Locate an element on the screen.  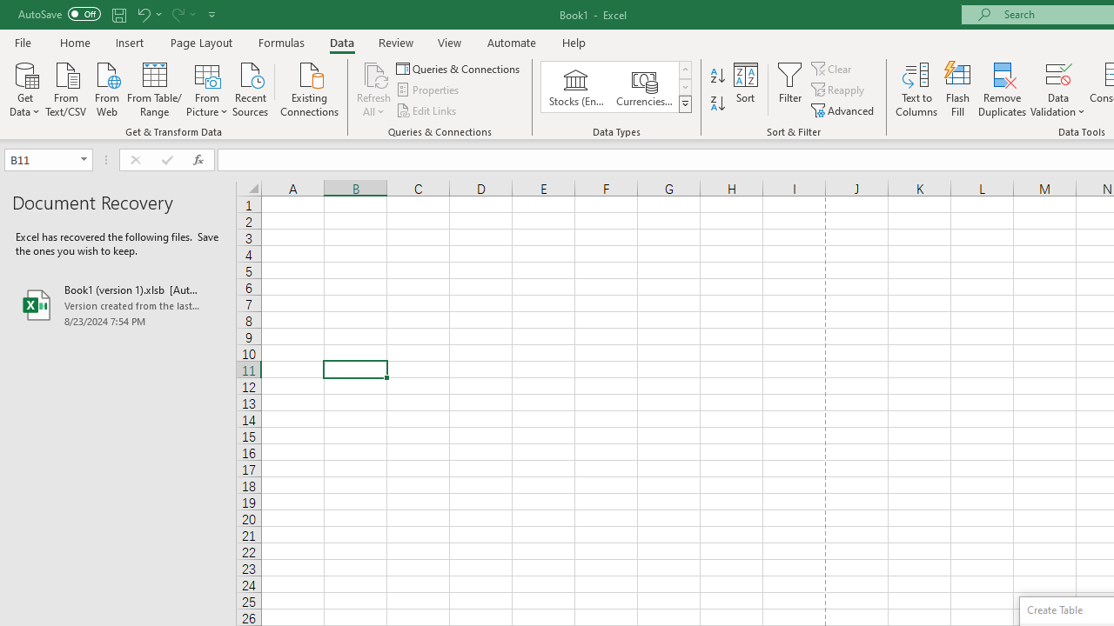
'Currencies (English)' is located at coordinates (643, 87).